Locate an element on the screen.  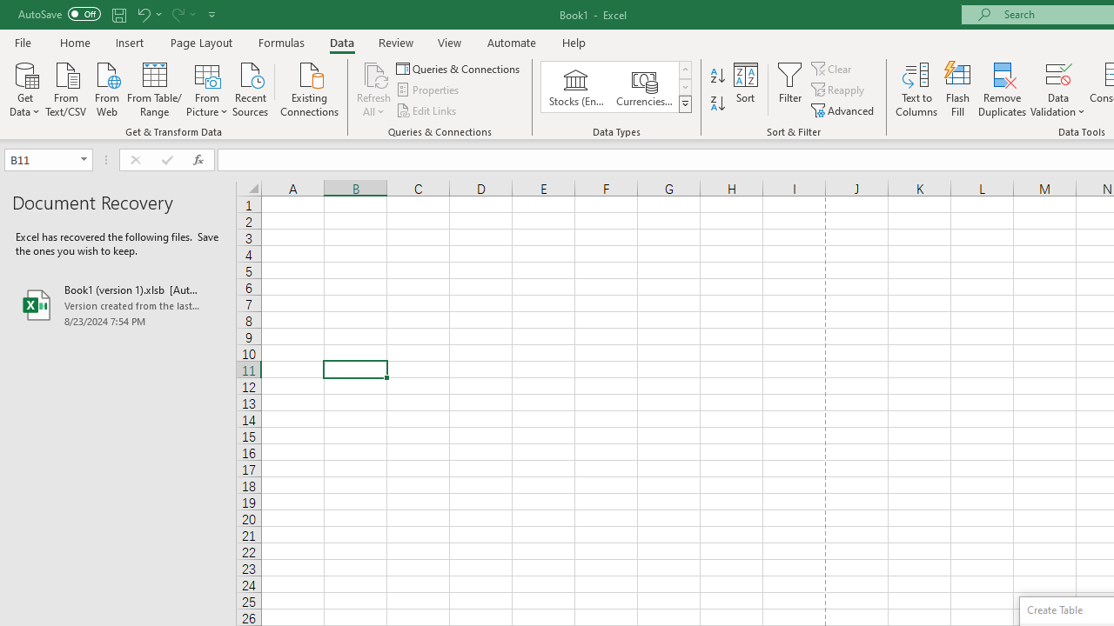
'Currencies (English)' is located at coordinates (643, 87).